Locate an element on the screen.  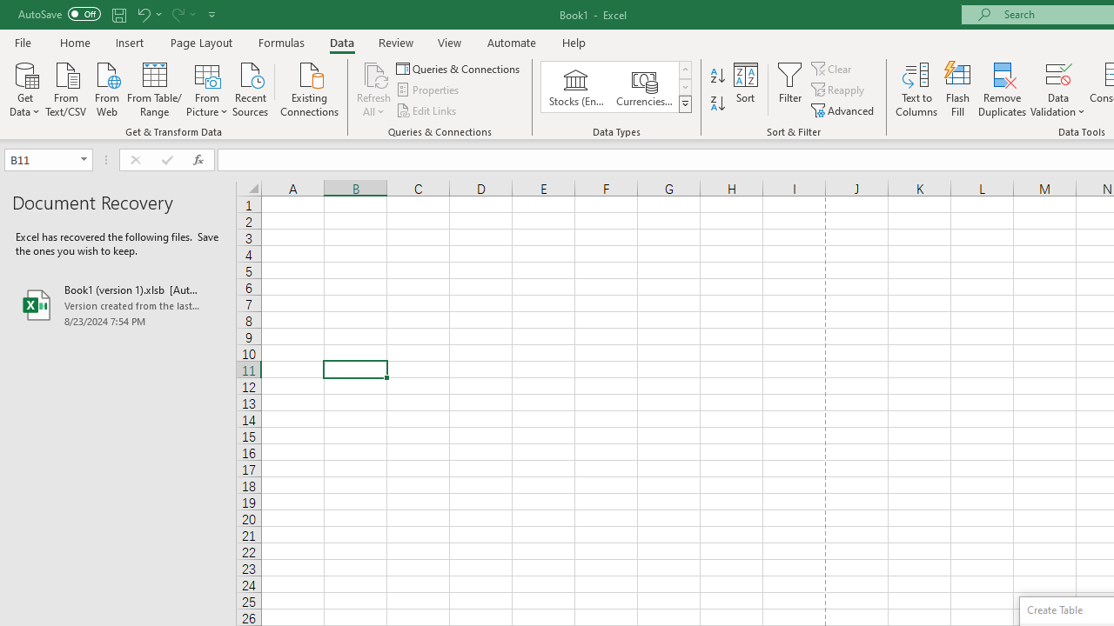
'Currencies (English)' is located at coordinates (643, 87).